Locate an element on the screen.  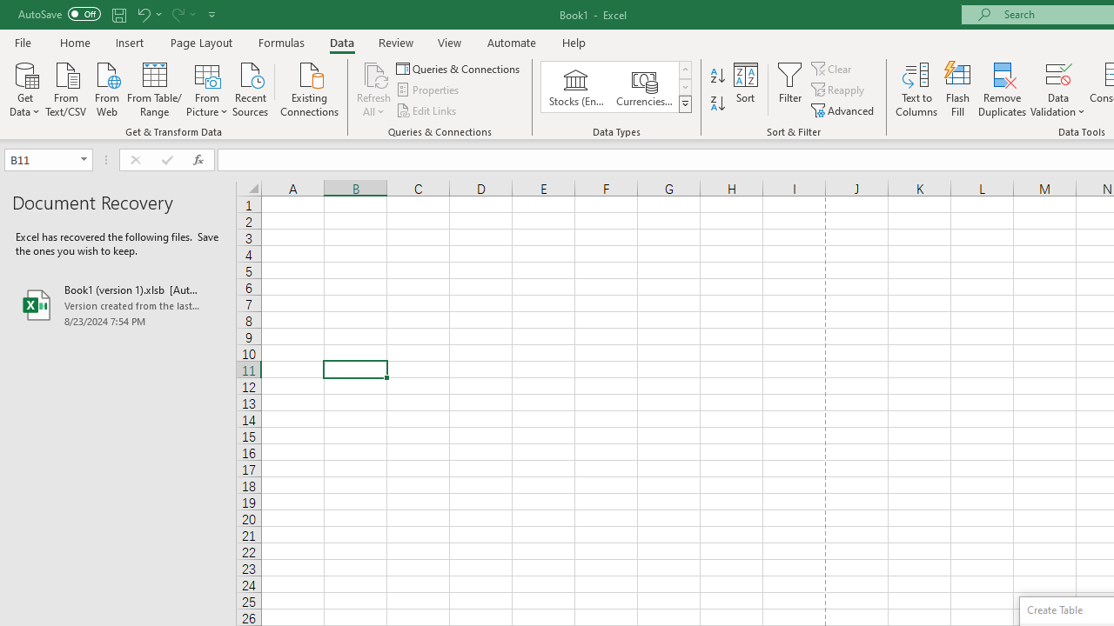
'Currencies (English)' is located at coordinates (643, 87).